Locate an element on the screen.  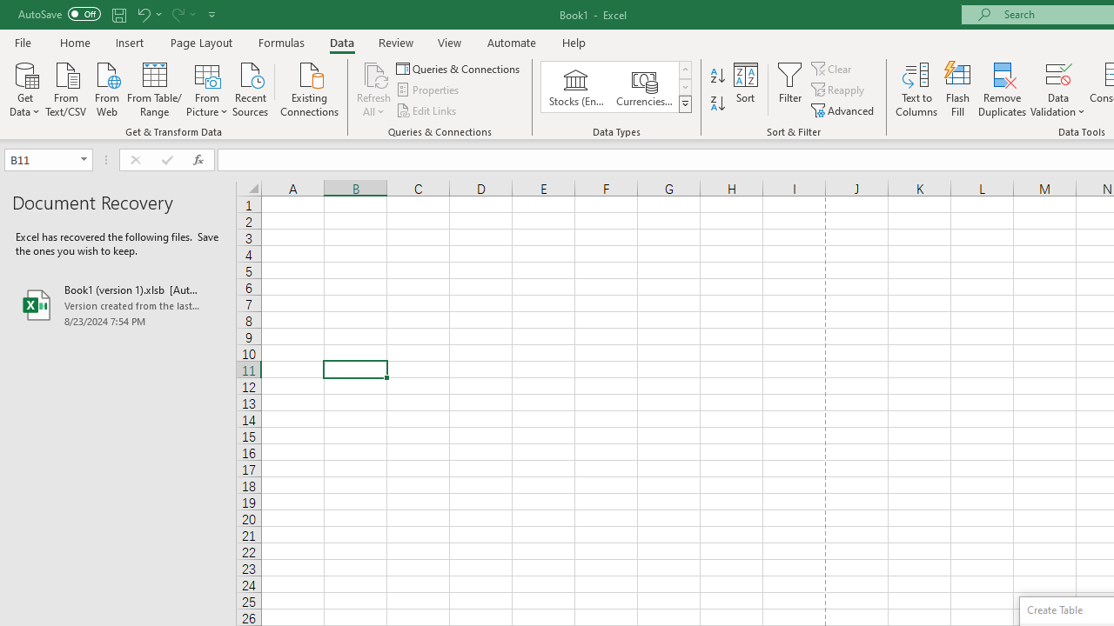
'Currencies (English)' is located at coordinates (643, 87).